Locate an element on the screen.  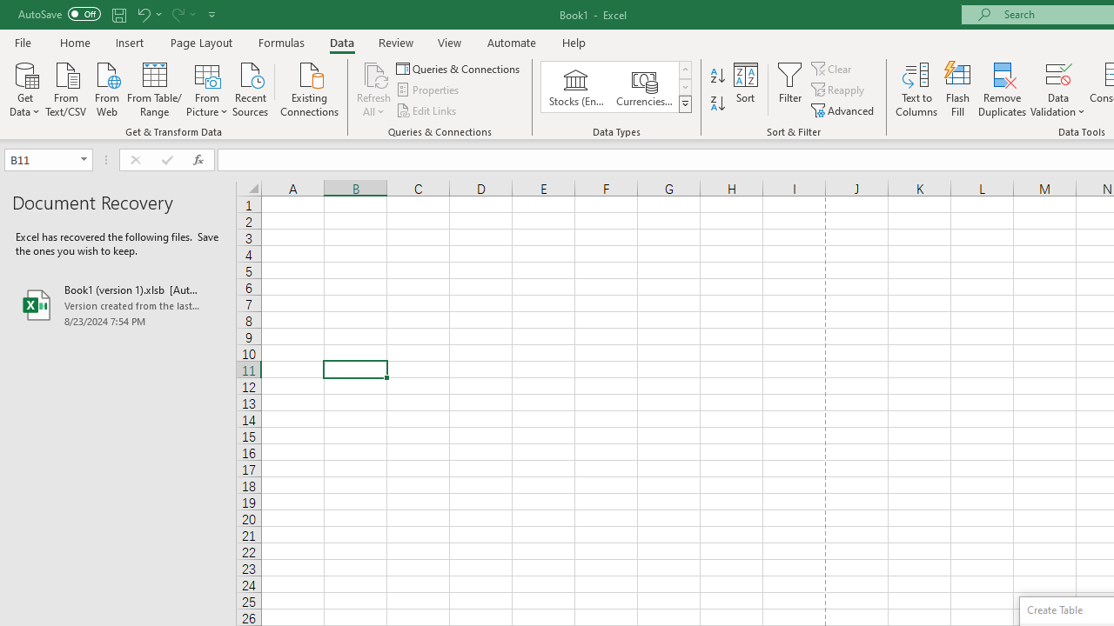
'Currencies (English)' is located at coordinates (643, 87).